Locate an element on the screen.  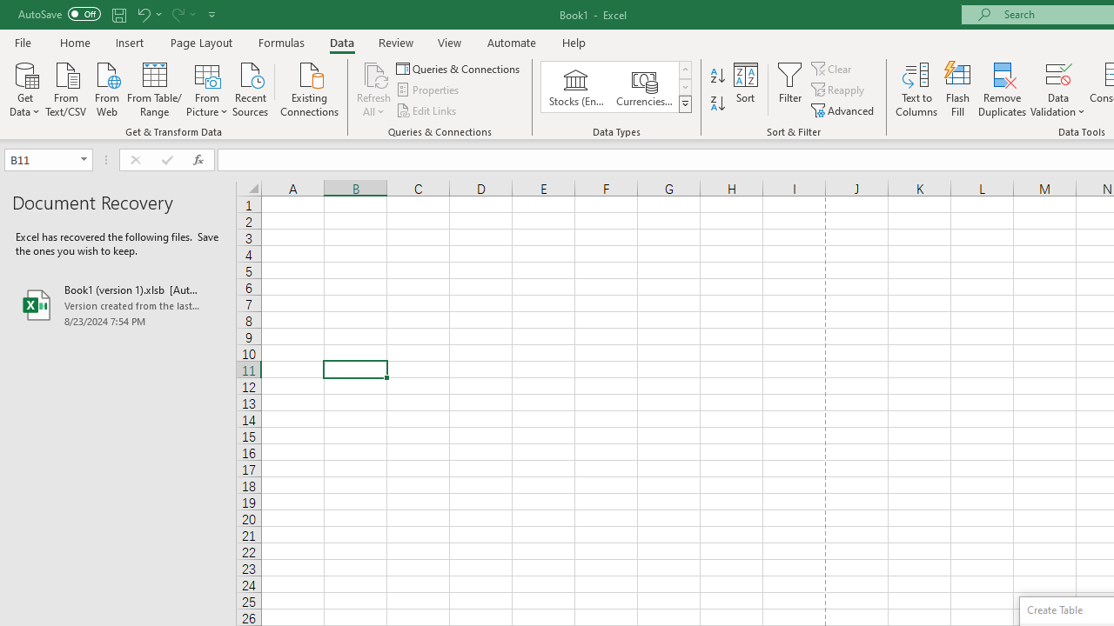
'Currencies (English)' is located at coordinates (643, 87).